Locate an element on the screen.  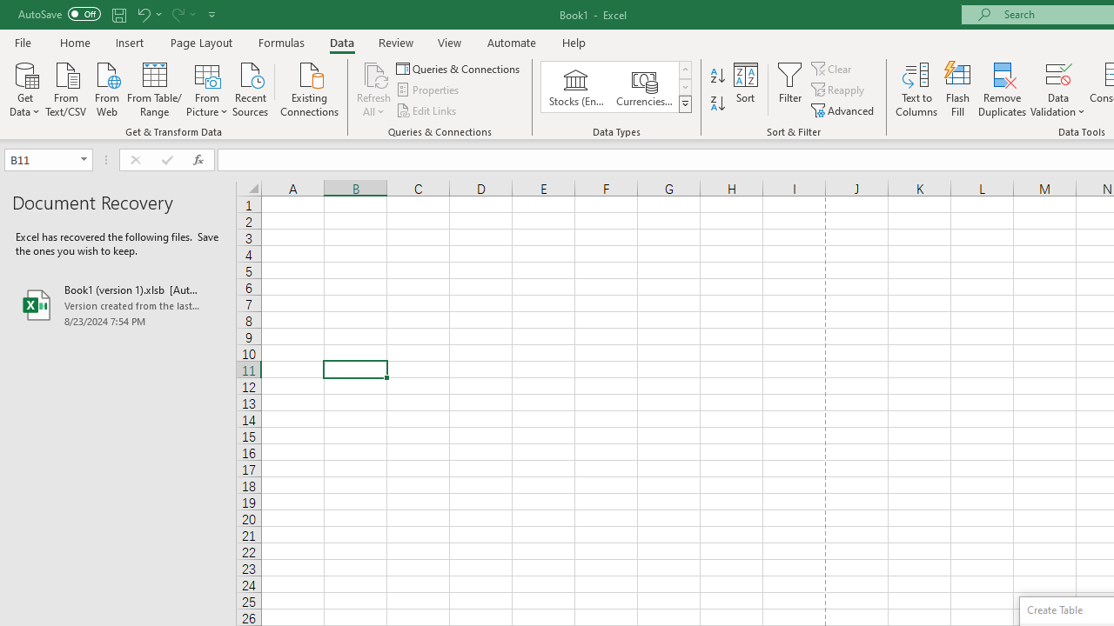
'Currencies (English)' is located at coordinates (643, 87).